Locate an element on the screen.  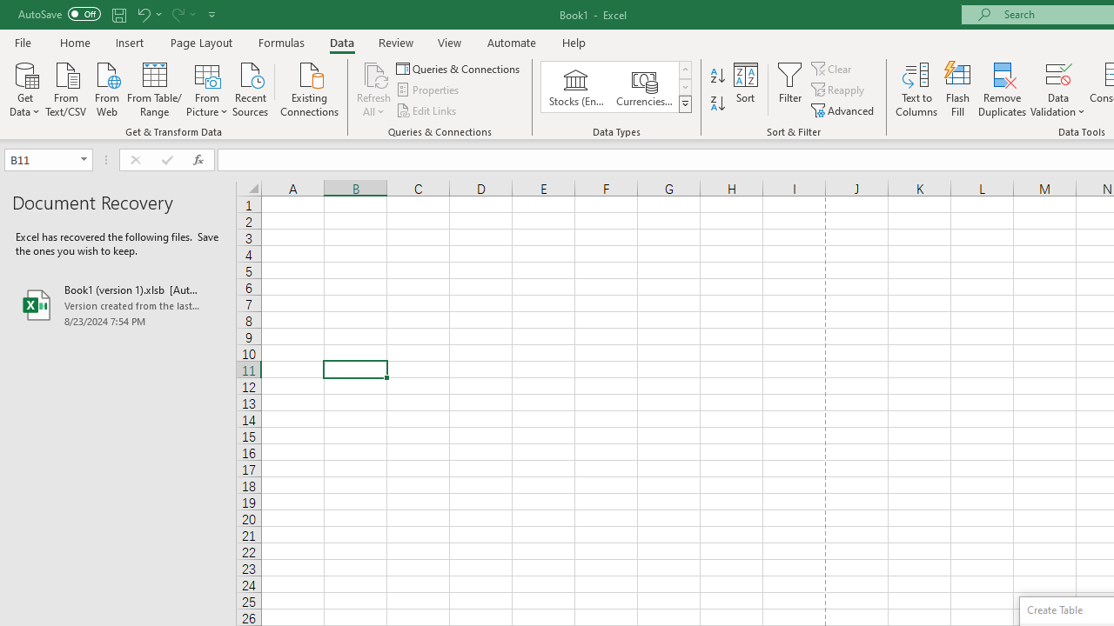
'Currencies (English)' is located at coordinates (643, 87).